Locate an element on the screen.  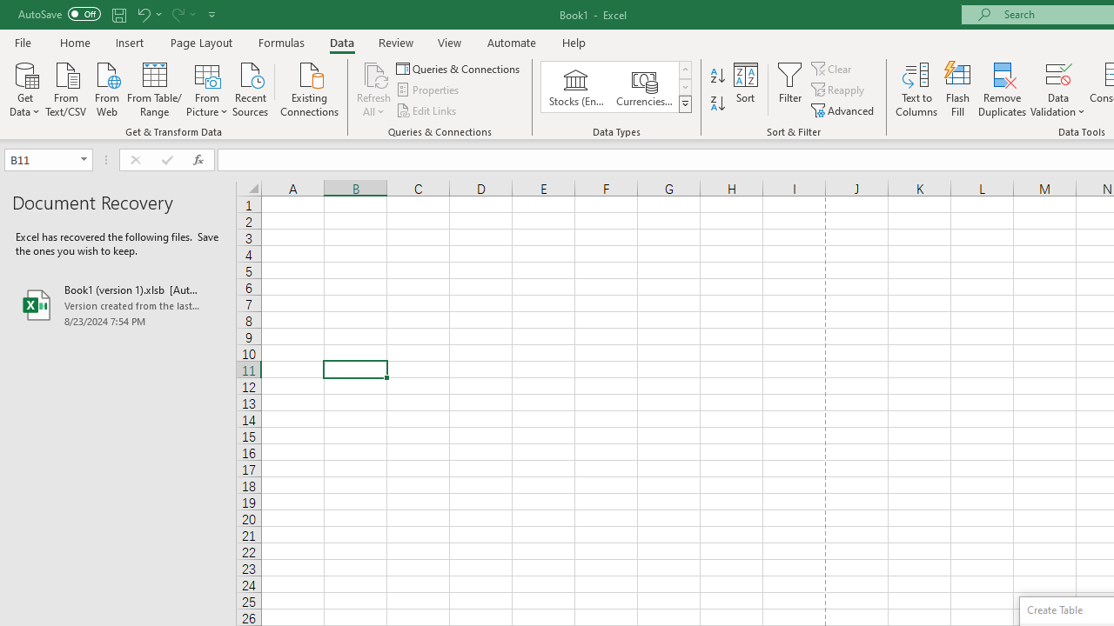
'Currencies (English)' is located at coordinates (643, 87).